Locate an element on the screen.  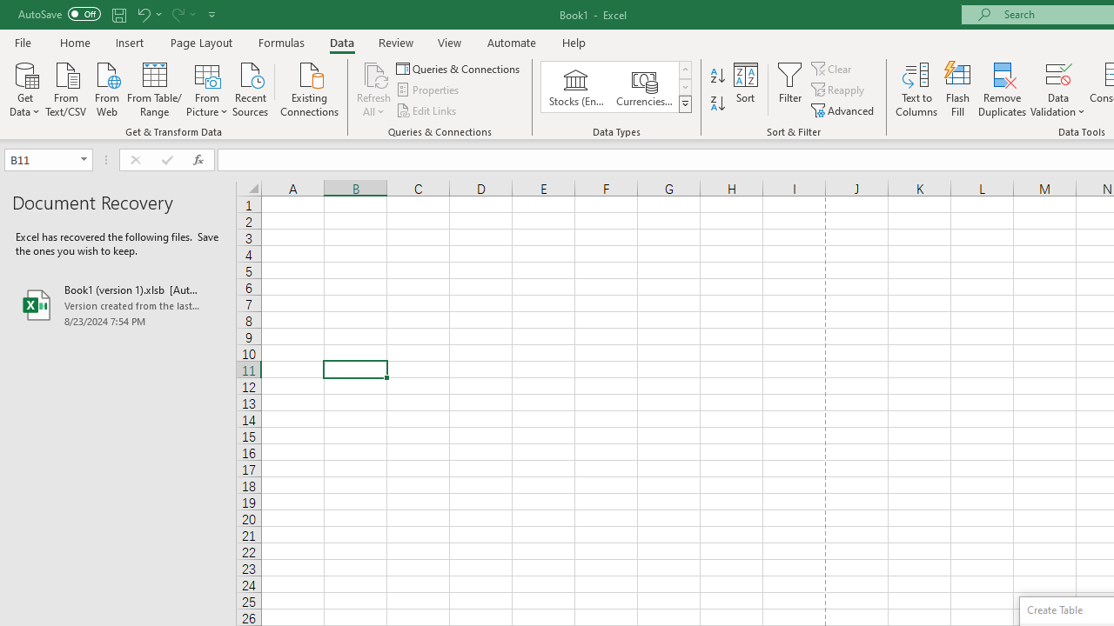
'Currencies (English)' is located at coordinates (643, 87).